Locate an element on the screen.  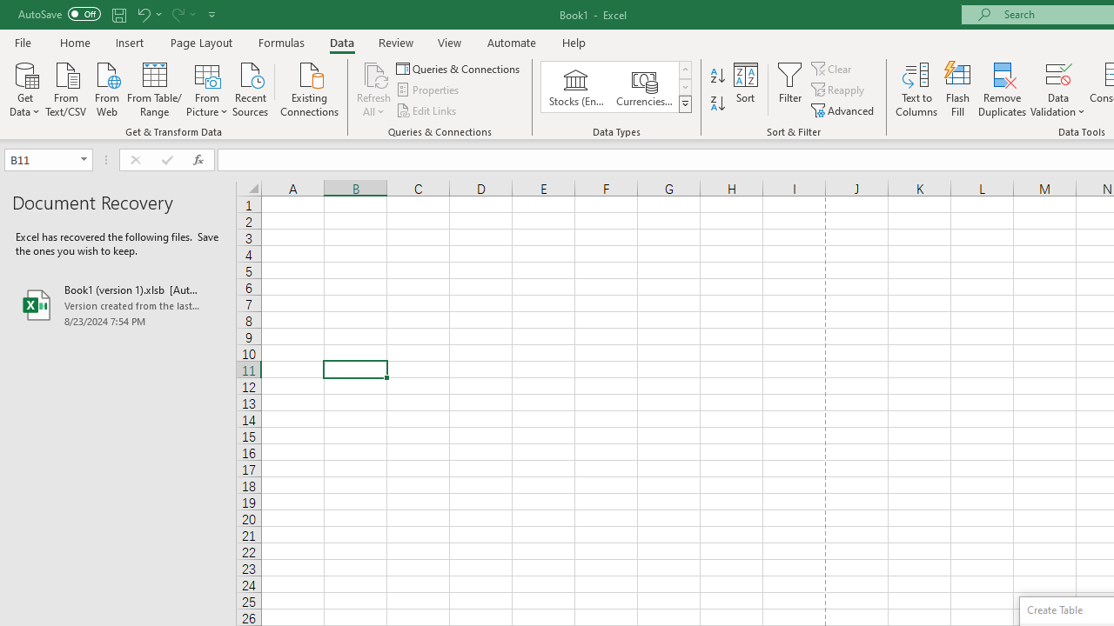
'Currencies (English)' is located at coordinates (643, 87).